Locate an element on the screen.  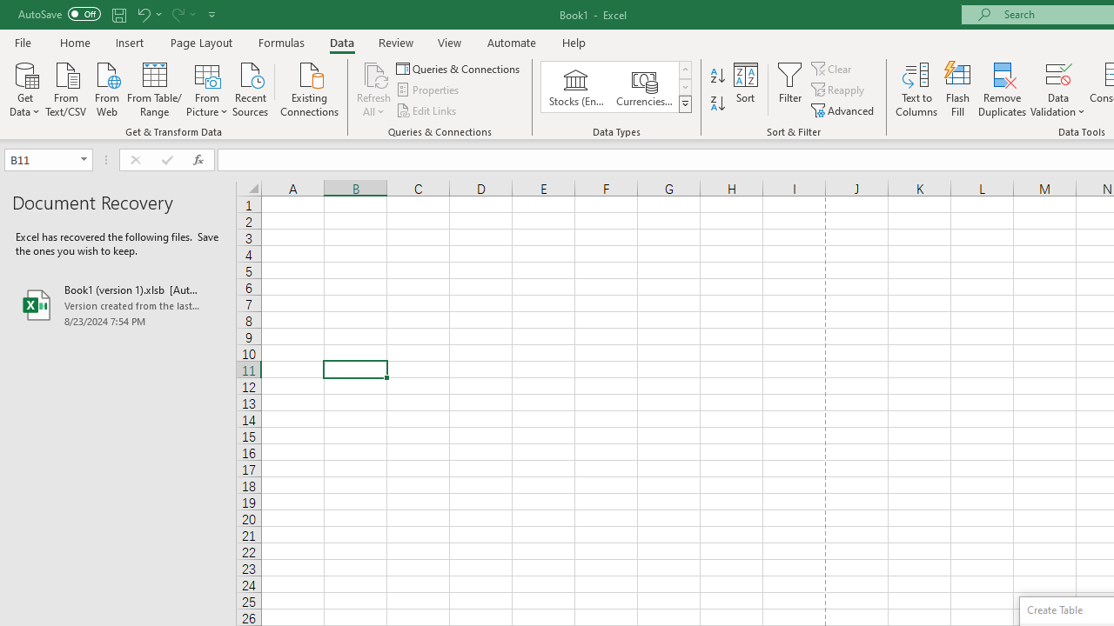
'Currencies (English)' is located at coordinates (643, 87).